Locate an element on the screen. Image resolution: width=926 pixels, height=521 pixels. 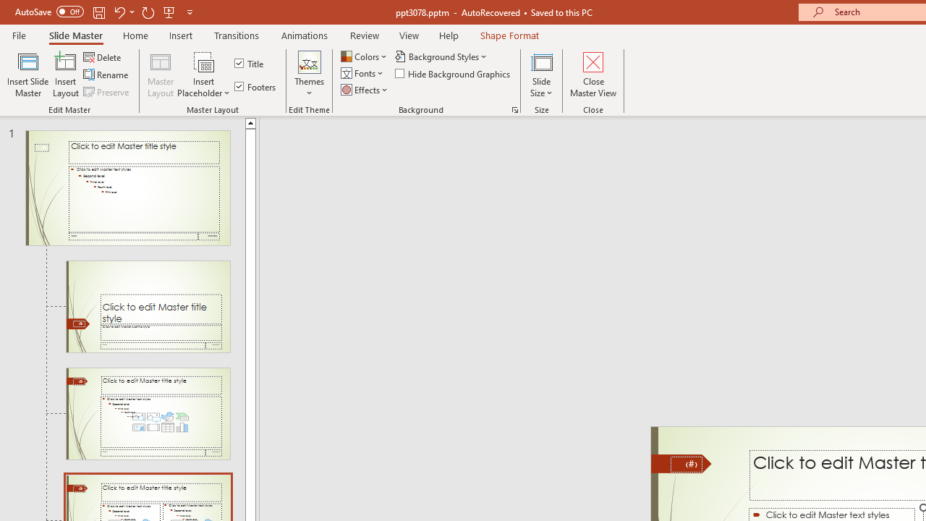
'Themes' is located at coordinates (308, 75).